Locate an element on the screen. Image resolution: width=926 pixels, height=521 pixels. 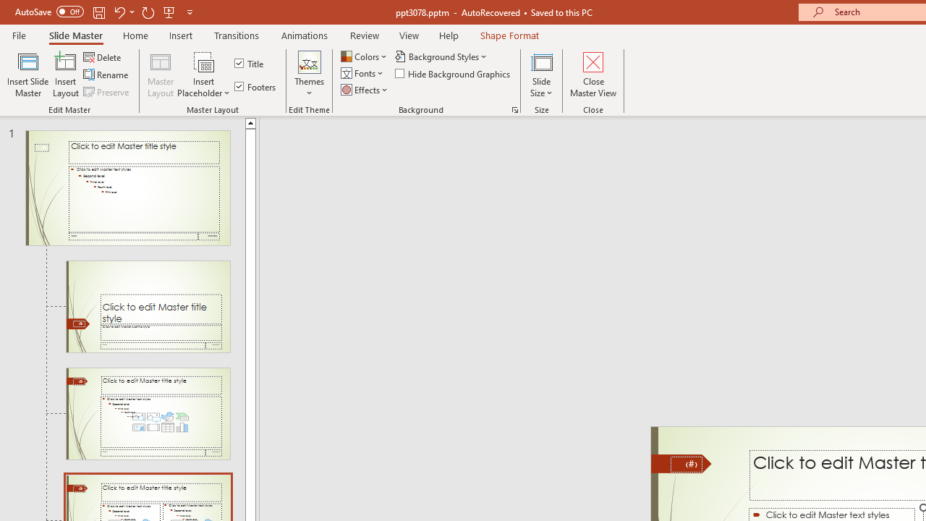
'Themes' is located at coordinates (308, 75).